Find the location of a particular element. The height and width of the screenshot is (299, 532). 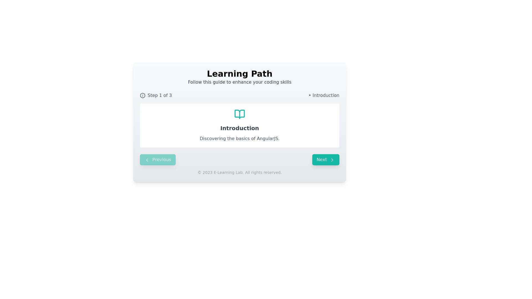

the 'Previous' button located at the bottom-left section of the card interface is located at coordinates (157, 160).